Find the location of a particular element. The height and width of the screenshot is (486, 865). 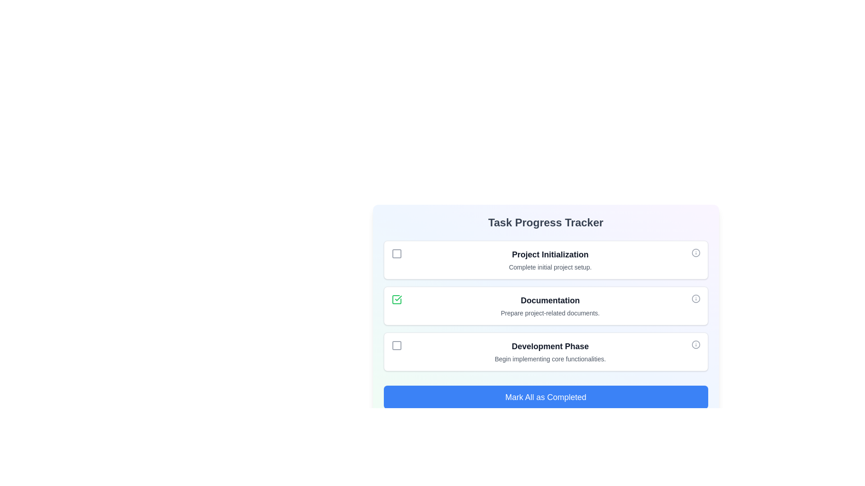

the 'Project Initialization' text label, which serves as a heading for the tasks listed in the task progress tracker interface is located at coordinates (550, 255).